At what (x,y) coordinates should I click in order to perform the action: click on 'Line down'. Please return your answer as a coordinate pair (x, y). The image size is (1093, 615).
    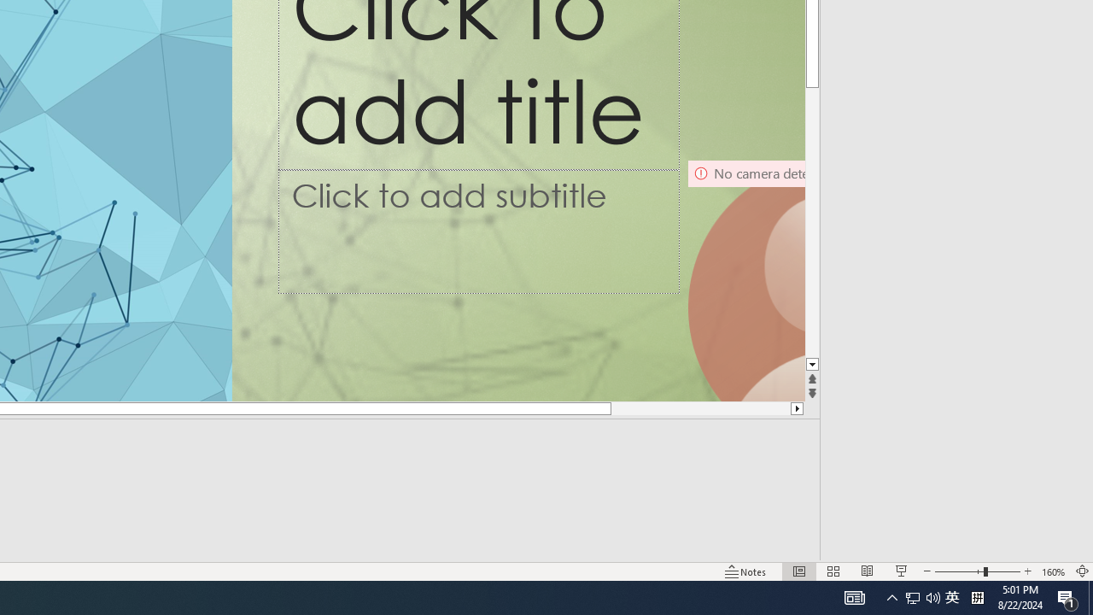
    Looking at the image, I should click on (811, 364).